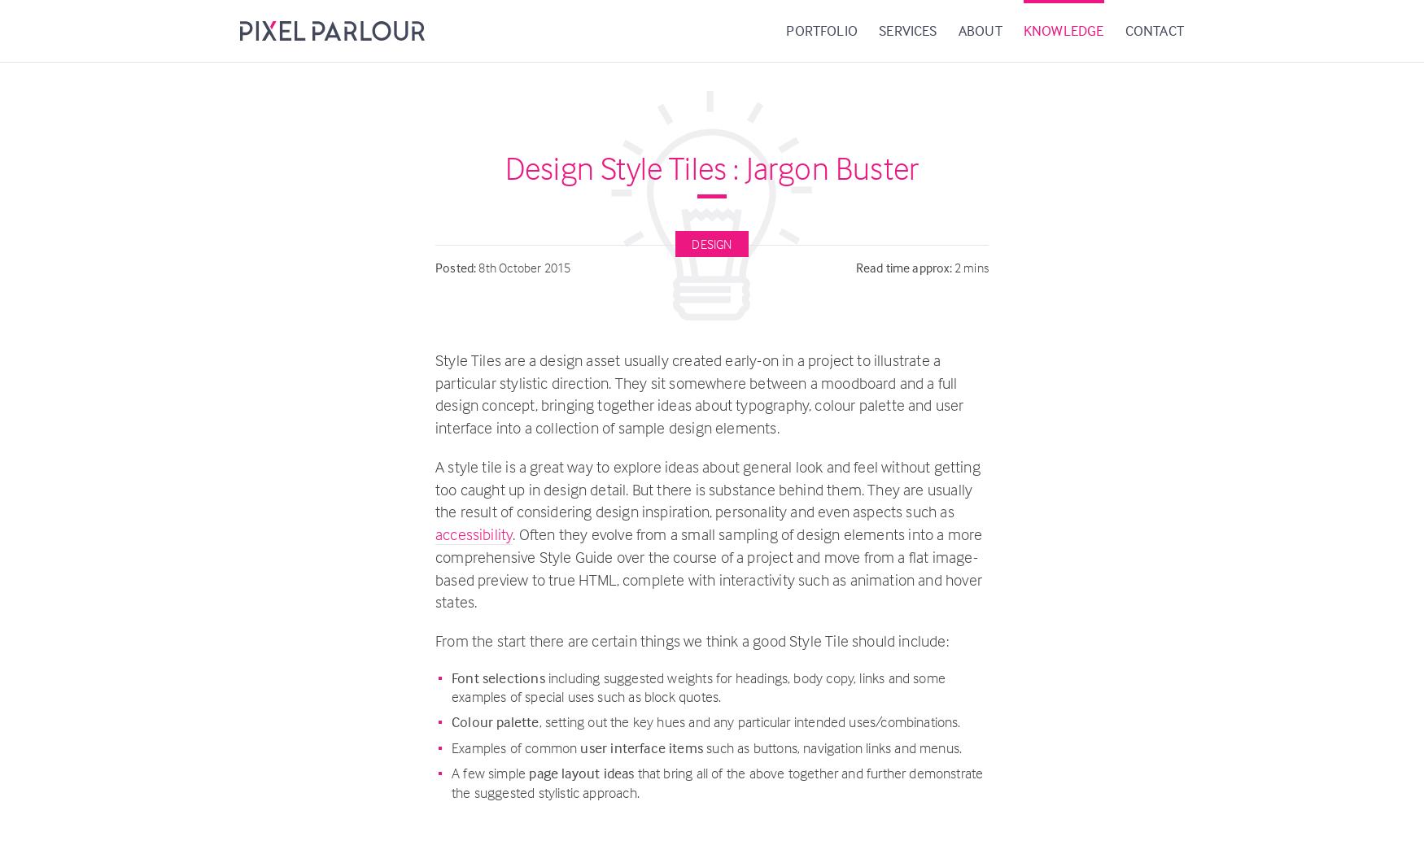  I want to click on 'Portfolio', so click(786, 30).